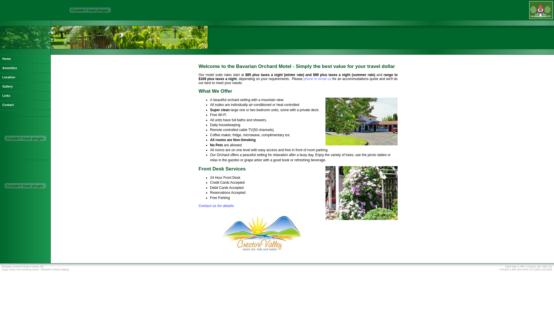 The width and height of the screenshot is (554, 311). I want to click on 'Contact us for details', so click(216, 205).